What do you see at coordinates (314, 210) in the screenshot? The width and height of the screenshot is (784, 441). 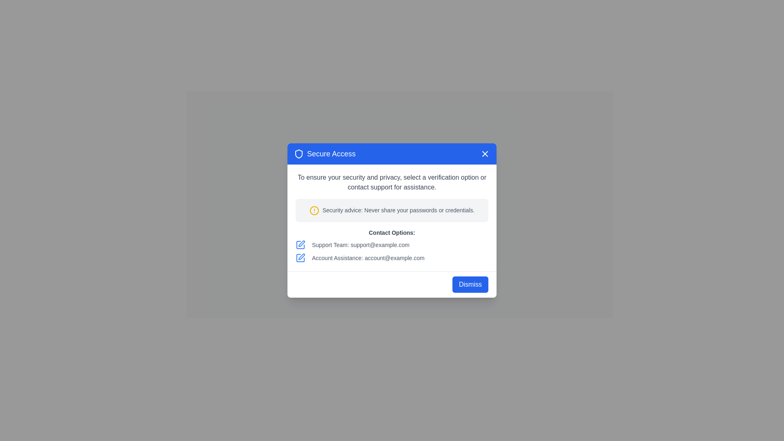 I see `the circular icon component with a yellow border and white fill, which is part of the visual warning icon located near the phrase 'Security advice' in the 'Secure Access' modal dialog` at bounding box center [314, 210].